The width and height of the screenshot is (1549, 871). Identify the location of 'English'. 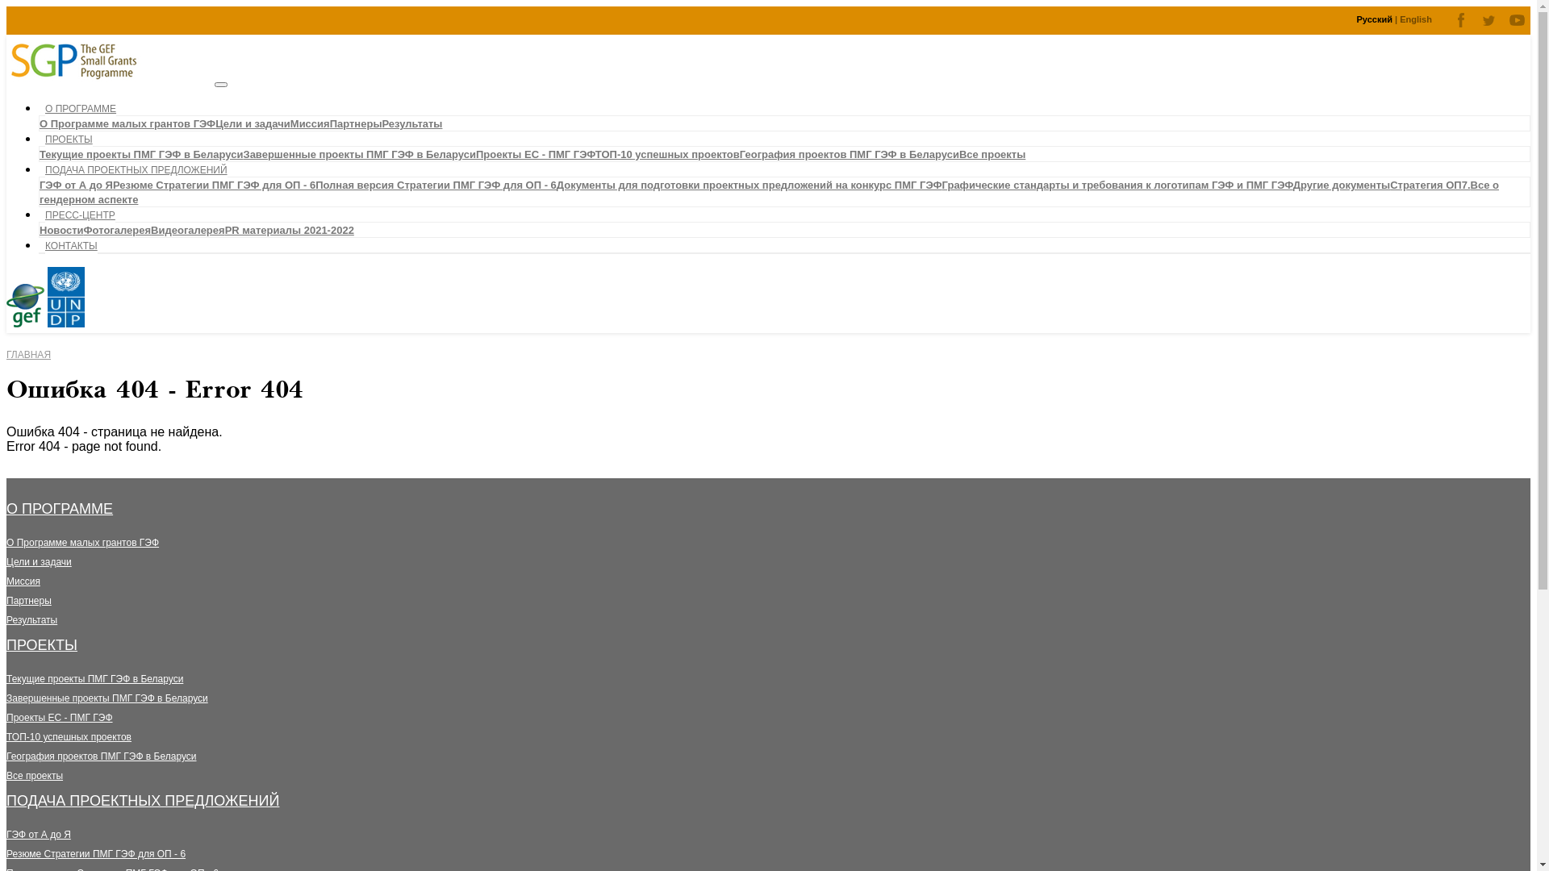
(1415, 19).